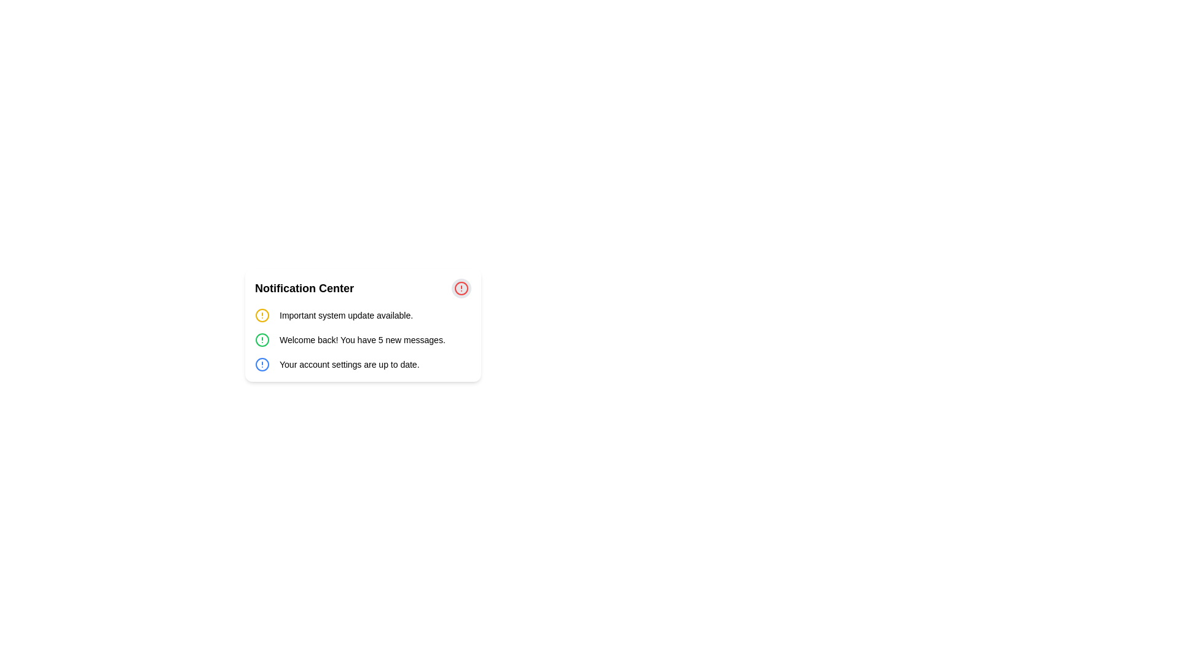 Image resolution: width=1180 pixels, height=663 pixels. Describe the element at coordinates (362, 314) in the screenshot. I see `text of the topmost notification in the Notification Center, which indicates 'Important system update available.'` at that location.